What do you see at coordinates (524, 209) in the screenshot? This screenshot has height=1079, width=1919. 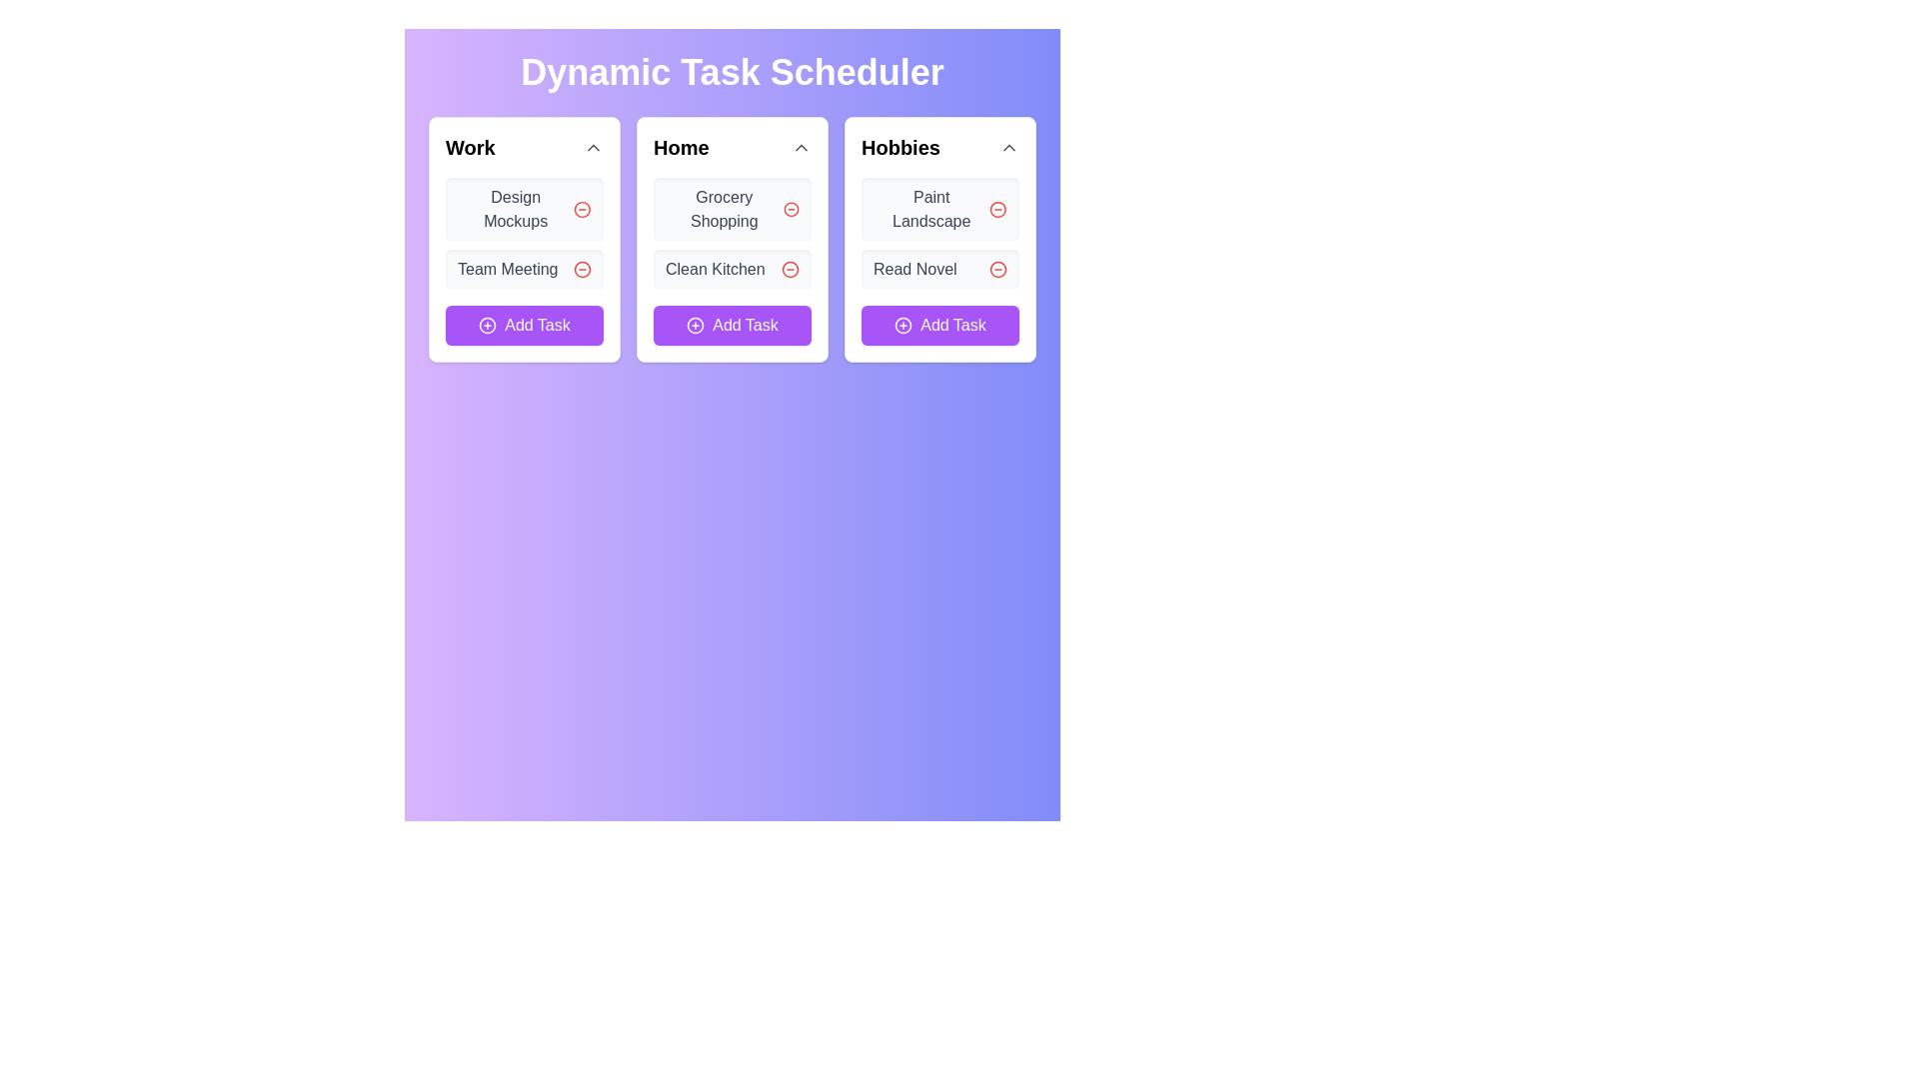 I see `the task list item named 'Design Mockups' located in the first column under the 'Work' header for additional information` at bounding box center [524, 209].